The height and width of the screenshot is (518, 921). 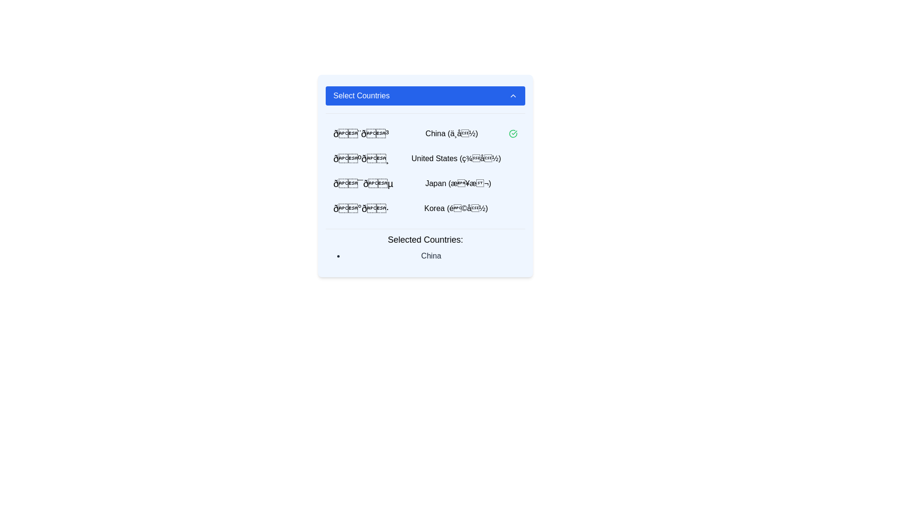 I want to click on the text label displaying 'United States (美國)', so click(x=456, y=158).